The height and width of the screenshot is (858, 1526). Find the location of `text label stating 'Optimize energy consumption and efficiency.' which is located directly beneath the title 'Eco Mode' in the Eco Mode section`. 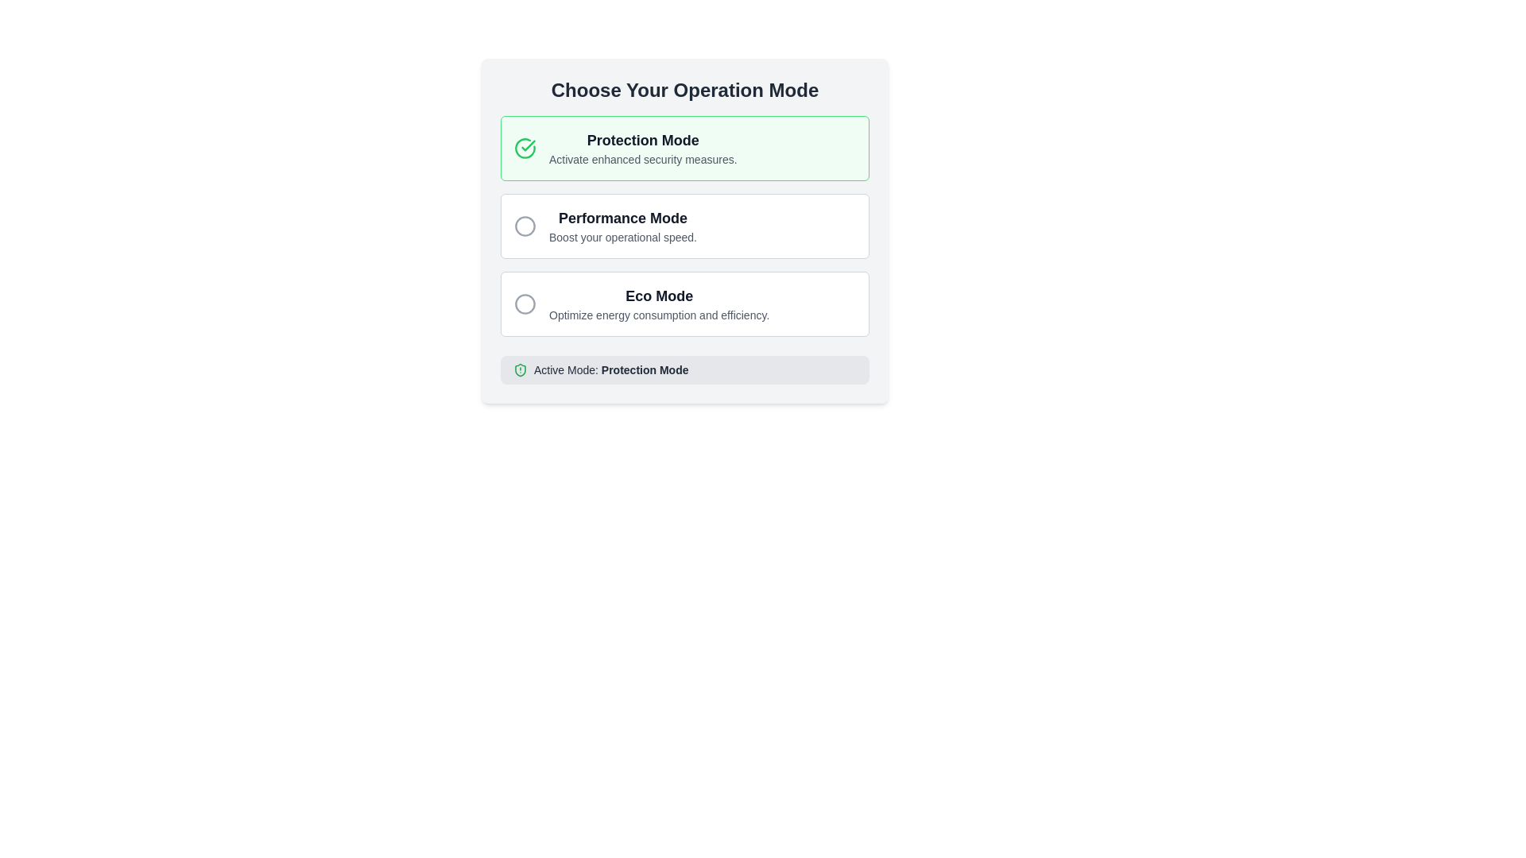

text label stating 'Optimize energy consumption and efficiency.' which is located directly beneath the title 'Eco Mode' in the Eco Mode section is located at coordinates (659, 315).